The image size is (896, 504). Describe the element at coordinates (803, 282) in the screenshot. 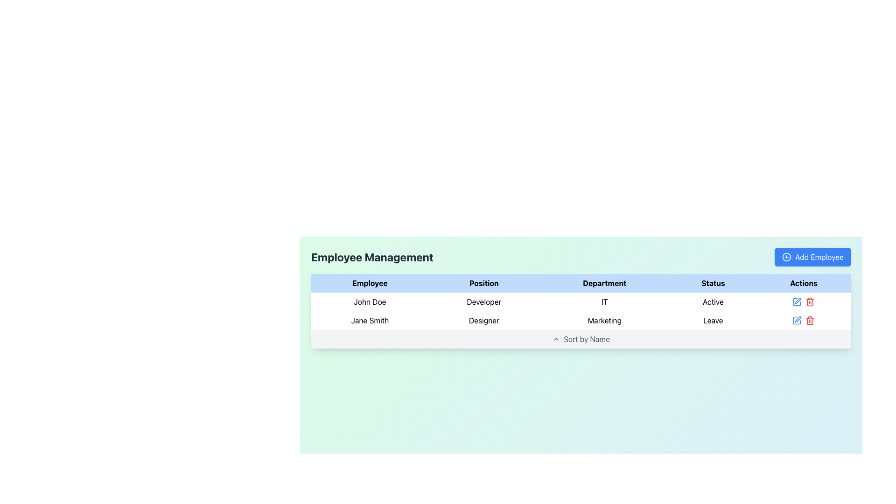

I see `the 'Actions' text label, which is styled in bold and centered within a light blue rectangular background, located in the top-right corner of the table header` at that location.